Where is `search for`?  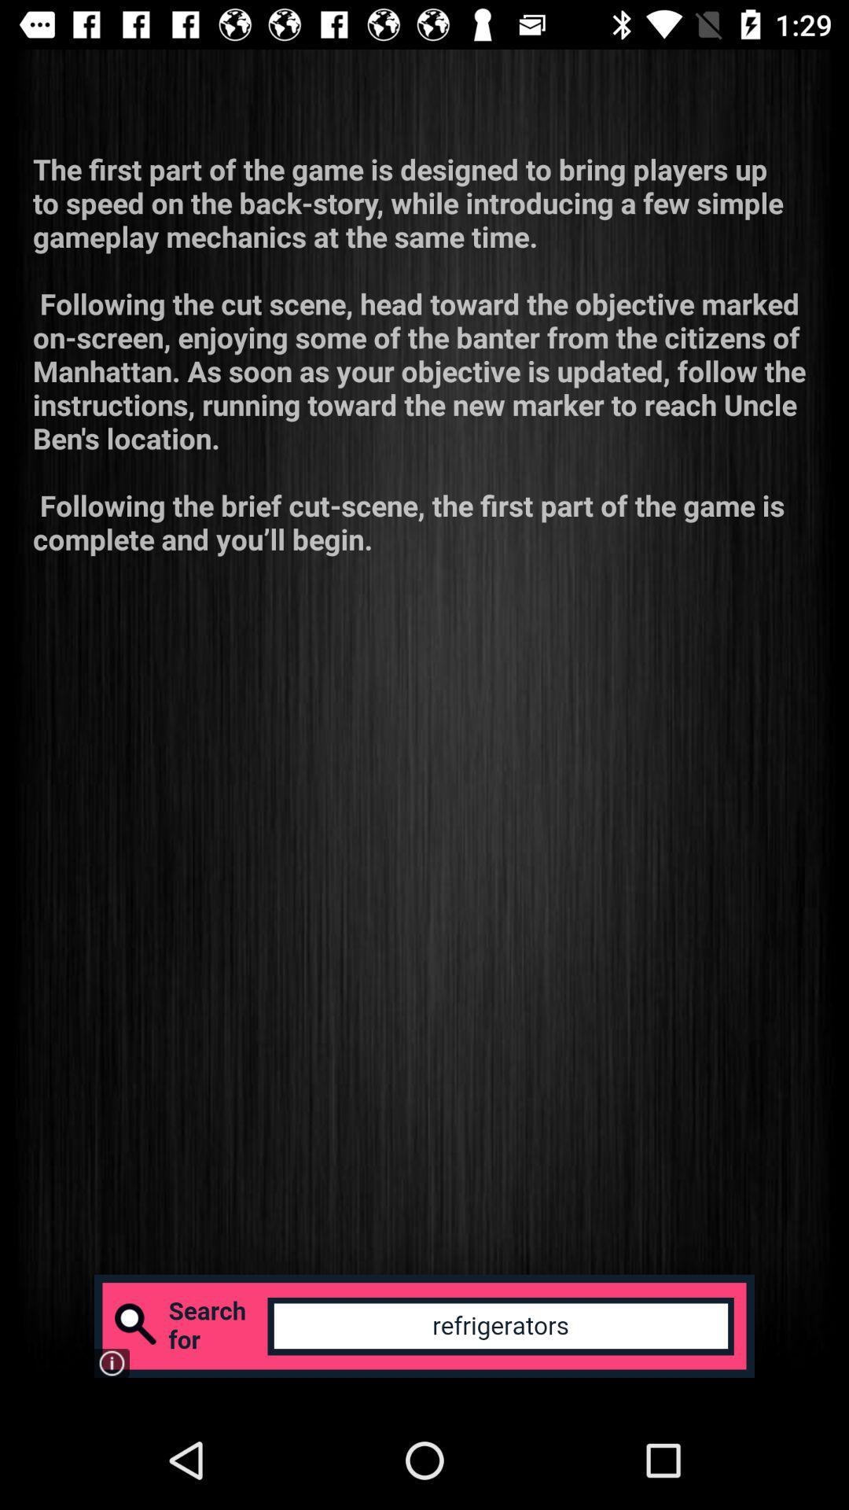 search for is located at coordinates (424, 1325).